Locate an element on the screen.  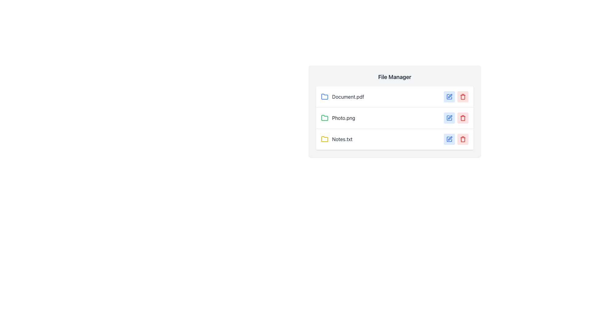
the delete icon button for 'Notes.txt' located at the far right of the file manager interface is located at coordinates (463, 139).